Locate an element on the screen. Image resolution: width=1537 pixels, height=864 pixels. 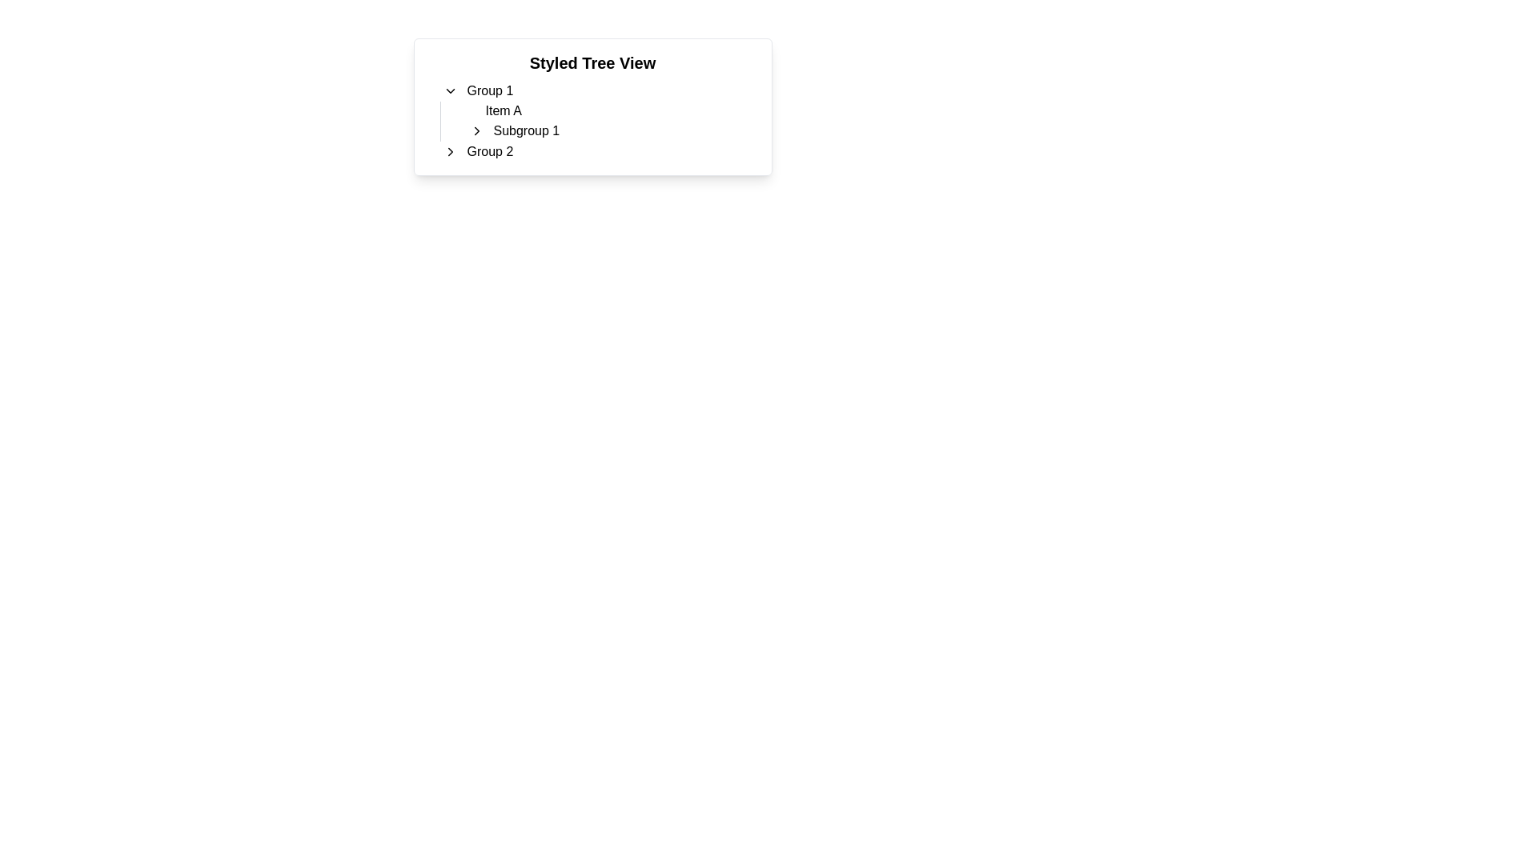
the right-facing chevron SVG icon next to the 'Subgroup 1' label is located at coordinates (476, 130).